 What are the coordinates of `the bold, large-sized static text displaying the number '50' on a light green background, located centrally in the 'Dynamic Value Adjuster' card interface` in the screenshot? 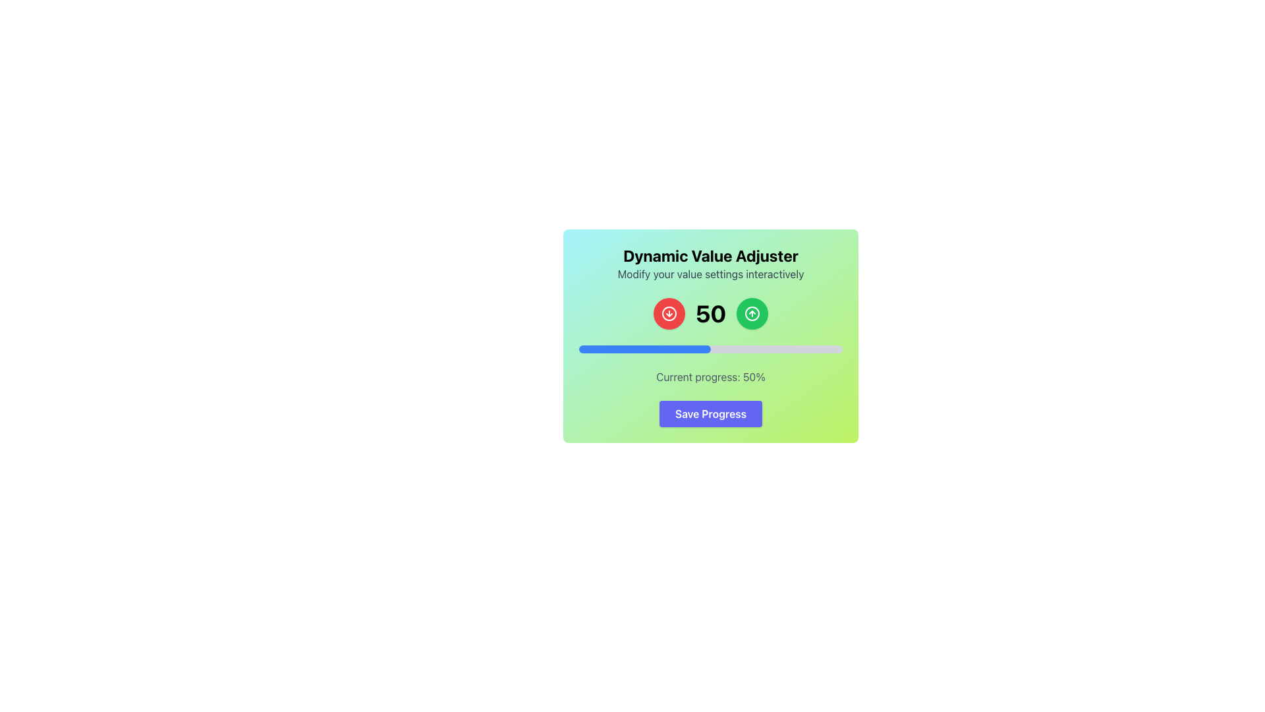 It's located at (710, 313).